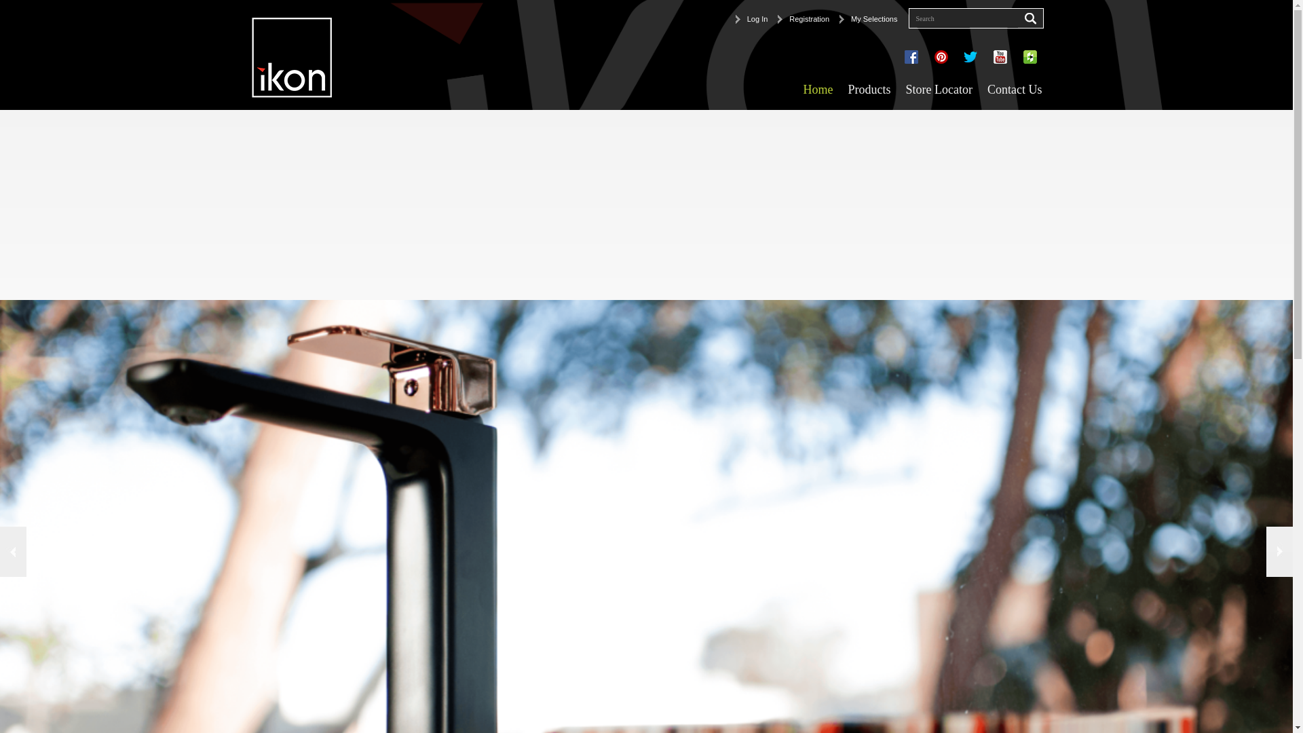 This screenshot has width=1303, height=733. Describe the element at coordinates (751, 18) in the screenshot. I see `'Log In'` at that location.